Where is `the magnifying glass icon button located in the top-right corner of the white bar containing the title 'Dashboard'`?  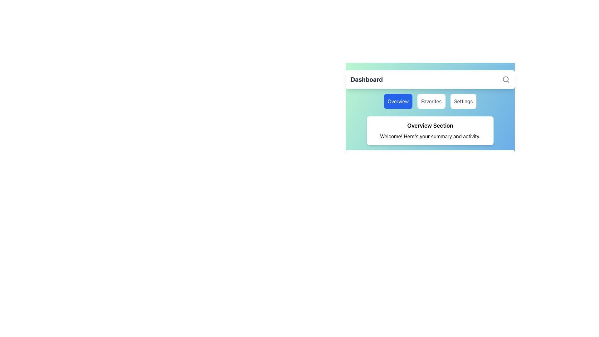 the magnifying glass icon button located in the top-right corner of the white bar containing the title 'Dashboard' is located at coordinates (506, 79).